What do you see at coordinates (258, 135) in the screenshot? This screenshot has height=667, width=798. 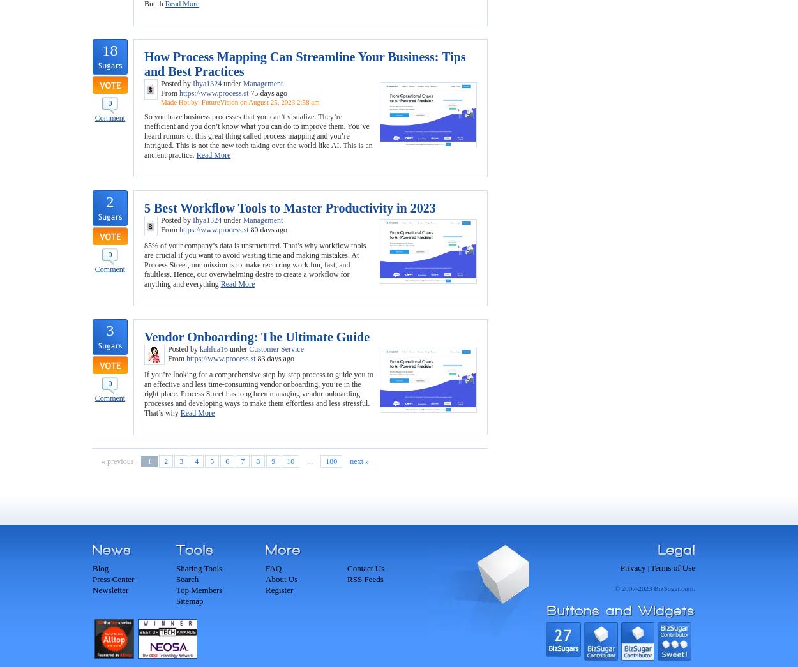 I see `'So you have business processes that you can’t visualize. They’re inefficient and you don’t know what you can do to improve them. You’ve heard rumors of this great thing called process mapping and you’re intrigued. This is not the new tech taking over the world like AI. This is an ancient practice.'` at bounding box center [258, 135].